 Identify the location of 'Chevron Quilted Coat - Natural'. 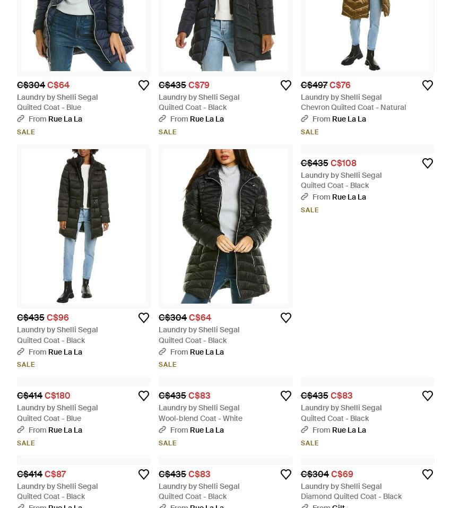
(353, 107).